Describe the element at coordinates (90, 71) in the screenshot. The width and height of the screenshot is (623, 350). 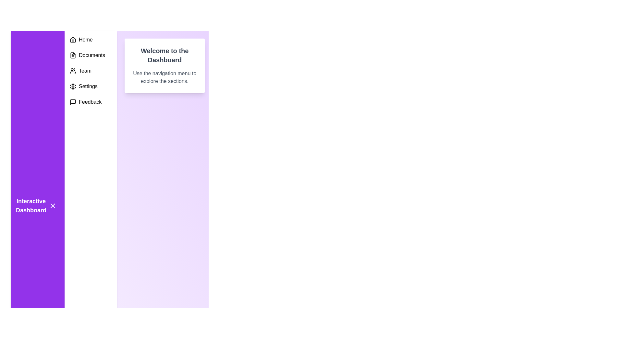
I see `the Navigation menu located in the upper-left section of the UI` at that location.